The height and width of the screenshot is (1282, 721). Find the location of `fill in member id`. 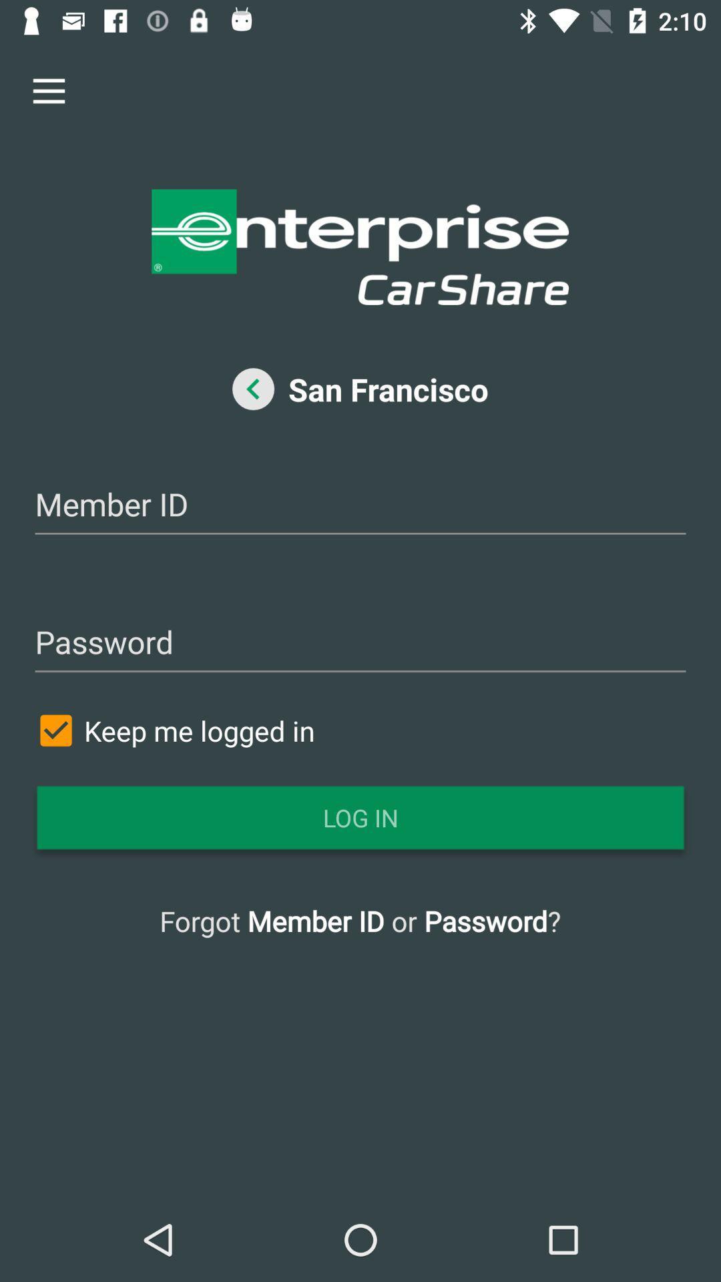

fill in member id is located at coordinates (360, 505).